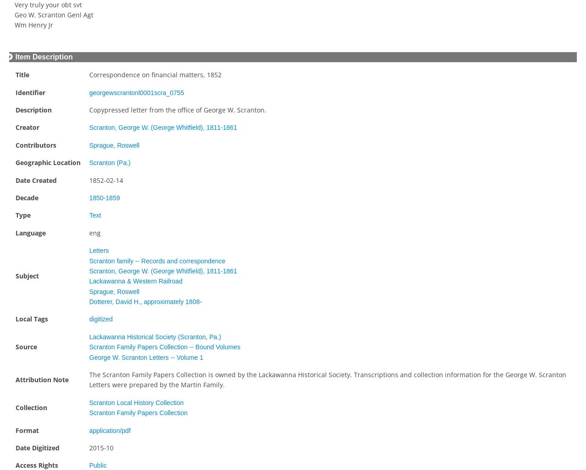 The width and height of the screenshot is (586, 470). What do you see at coordinates (26, 346) in the screenshot?
I see `'Source'` at bounding box center [26, 346].